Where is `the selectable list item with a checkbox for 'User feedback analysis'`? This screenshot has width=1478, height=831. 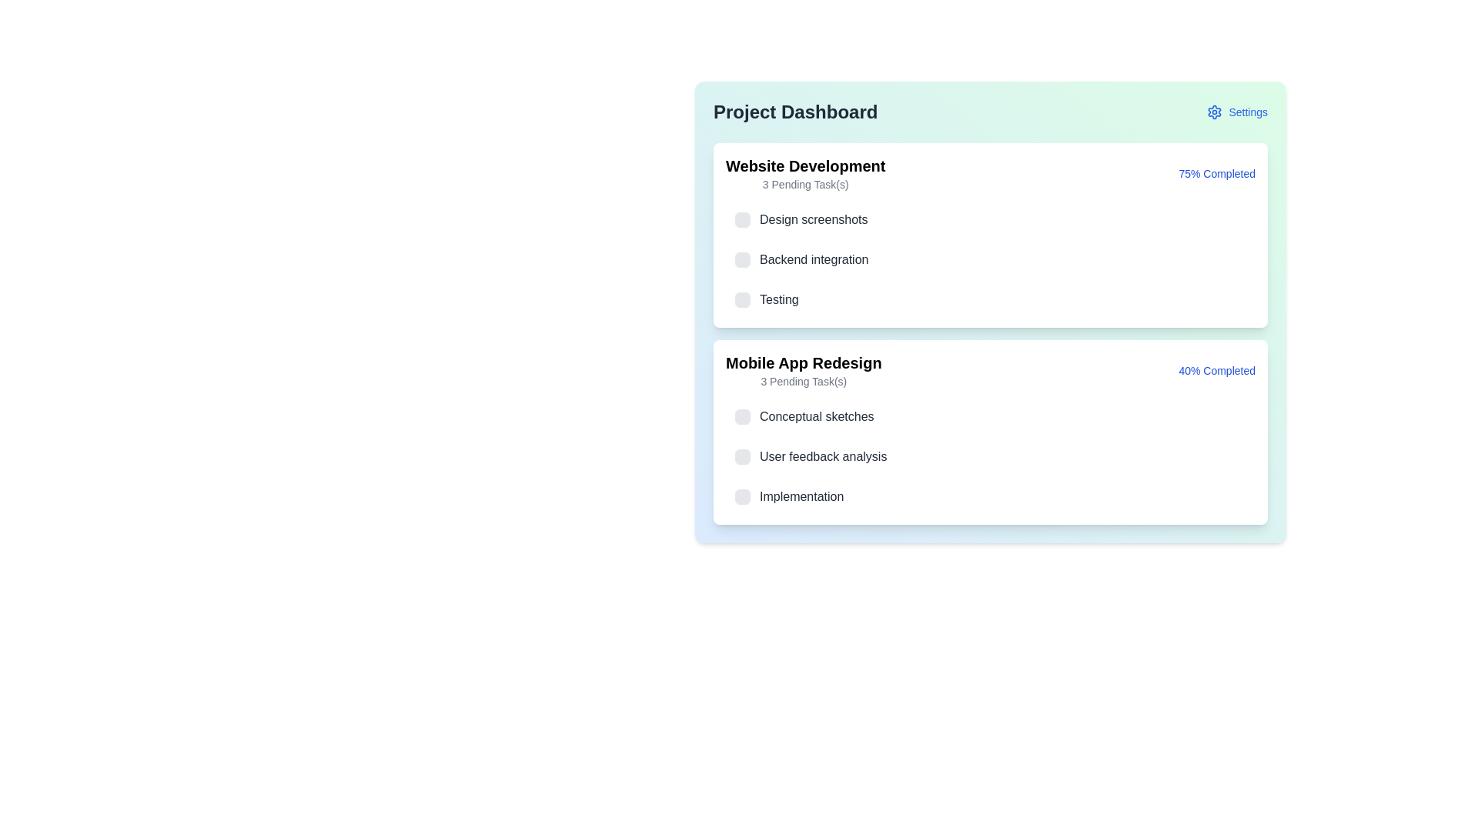 the selectable list item with a checkbox for 'User feedback analysis' is located at coordinates (990, 456).